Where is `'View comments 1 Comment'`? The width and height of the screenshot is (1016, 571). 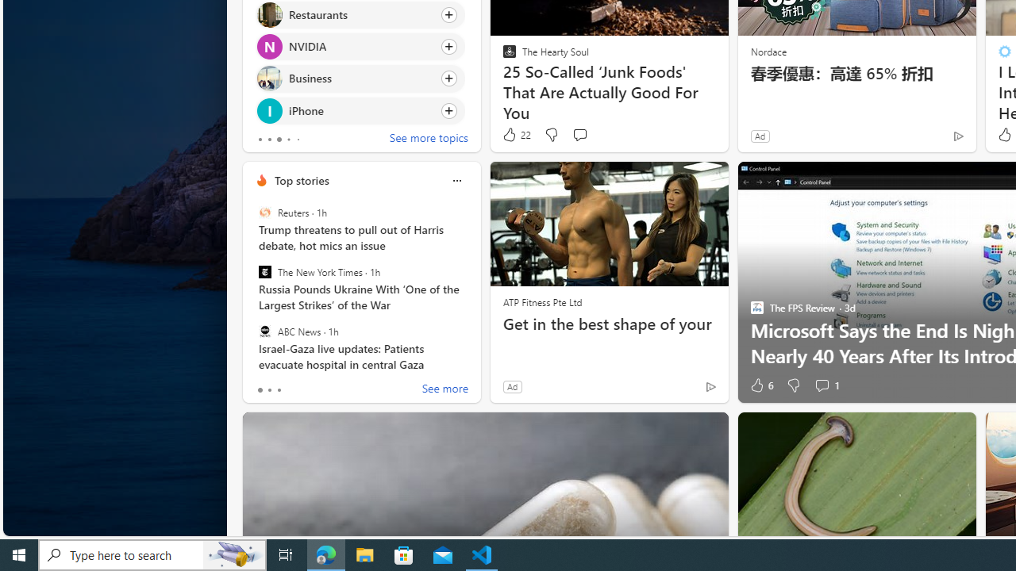
'View comments 1 Comment' is located at coordinates (822, 385).